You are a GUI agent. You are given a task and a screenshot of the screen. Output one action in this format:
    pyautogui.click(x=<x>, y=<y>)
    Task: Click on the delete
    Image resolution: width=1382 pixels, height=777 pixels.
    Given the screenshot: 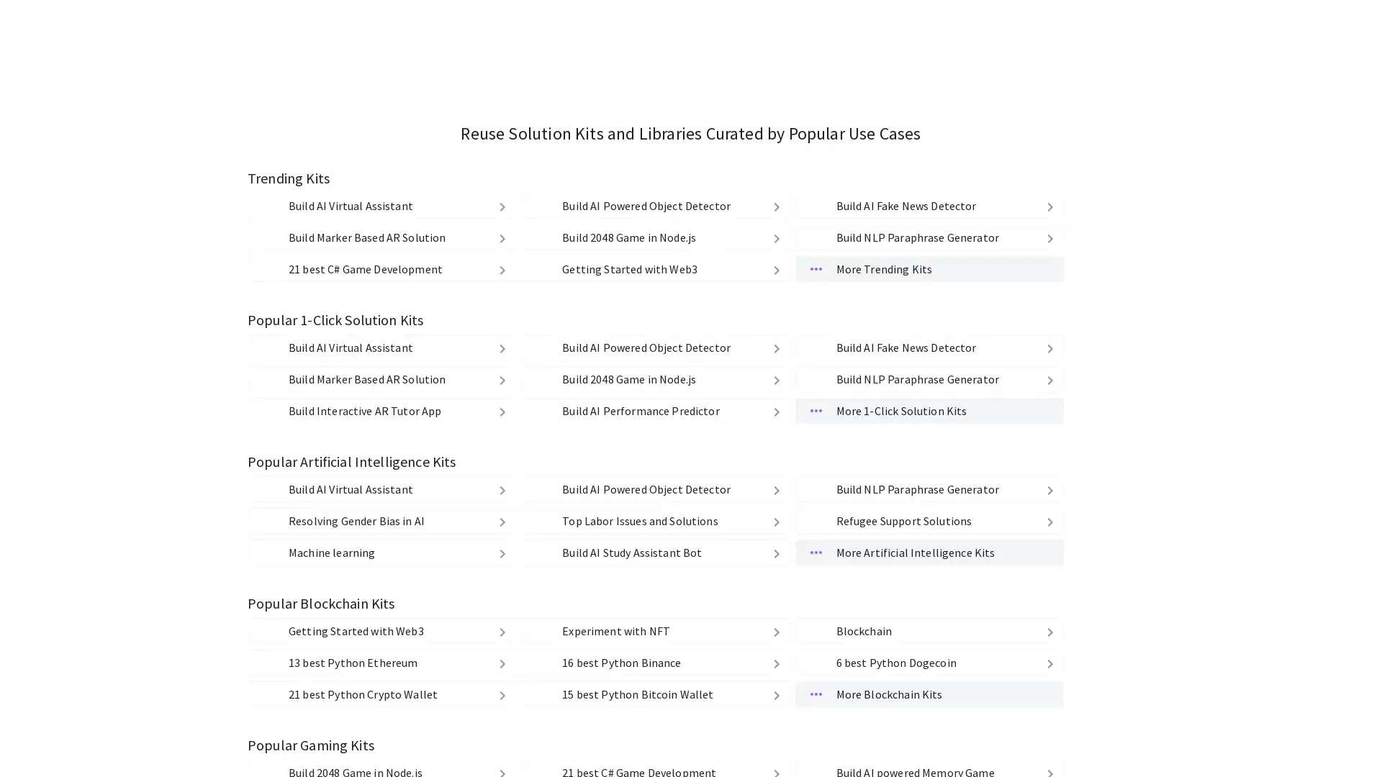 What is the action you would take?
    pyautogui.click(x=502, y=741)
    